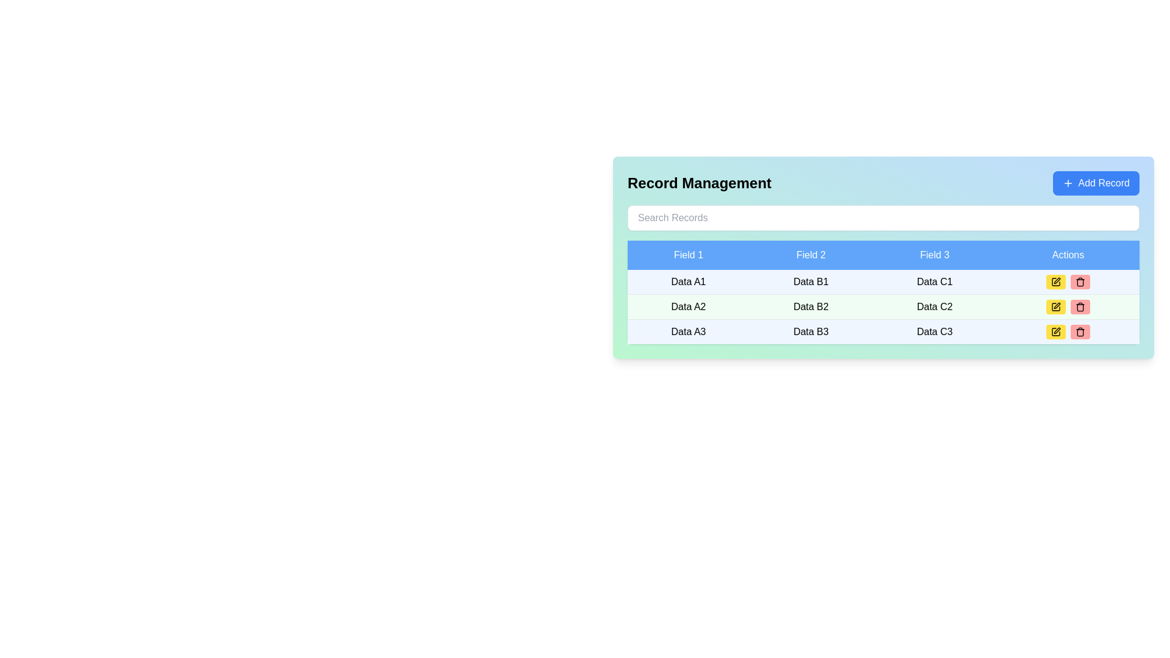 Image resolution: width=1170 pixels, height=658 pixels. Describe the element at coordinates (1080, 281) in the screenshot. I see `the trash icon in the 'Actions' column of the third row` at that location.